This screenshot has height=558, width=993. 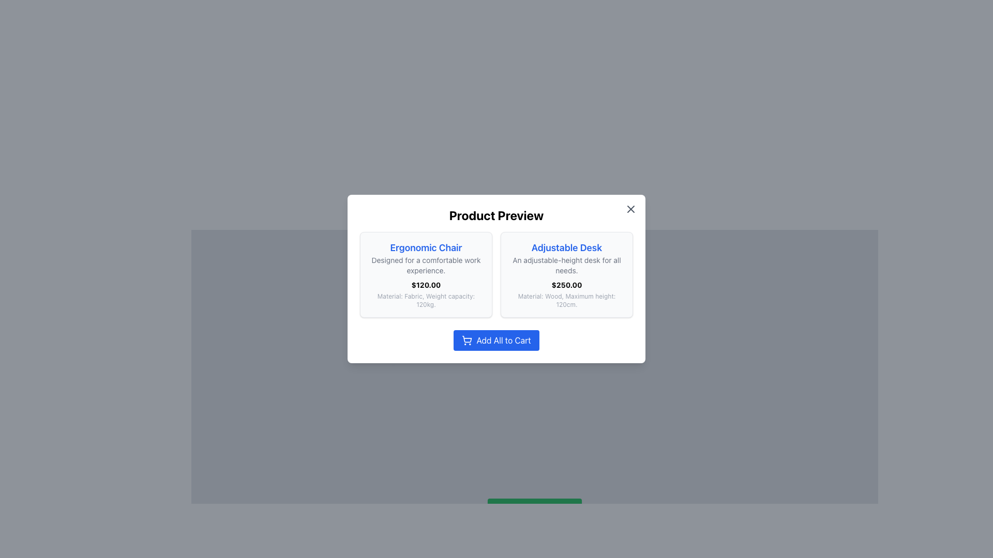 What do you see at coordinates (426, 301) in the screenshot?
I see `the textual description element that provides specifications of the product, located below the product's price information in the left product card of the modal dialog` at bounding box center [426, 301].